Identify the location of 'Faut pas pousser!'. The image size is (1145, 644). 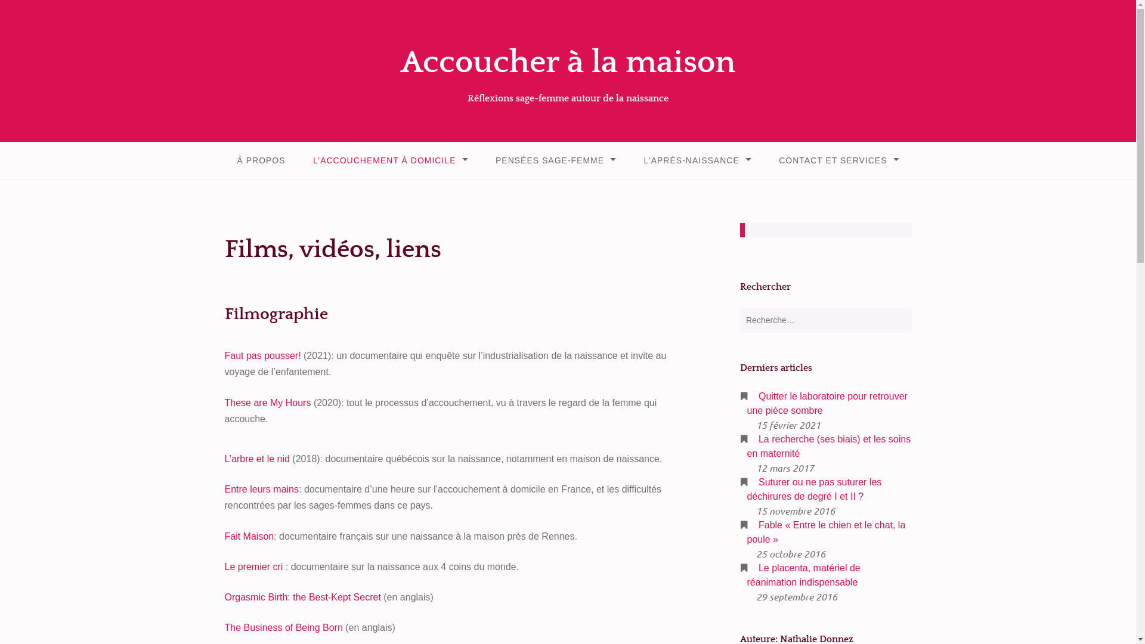
(224, 355).